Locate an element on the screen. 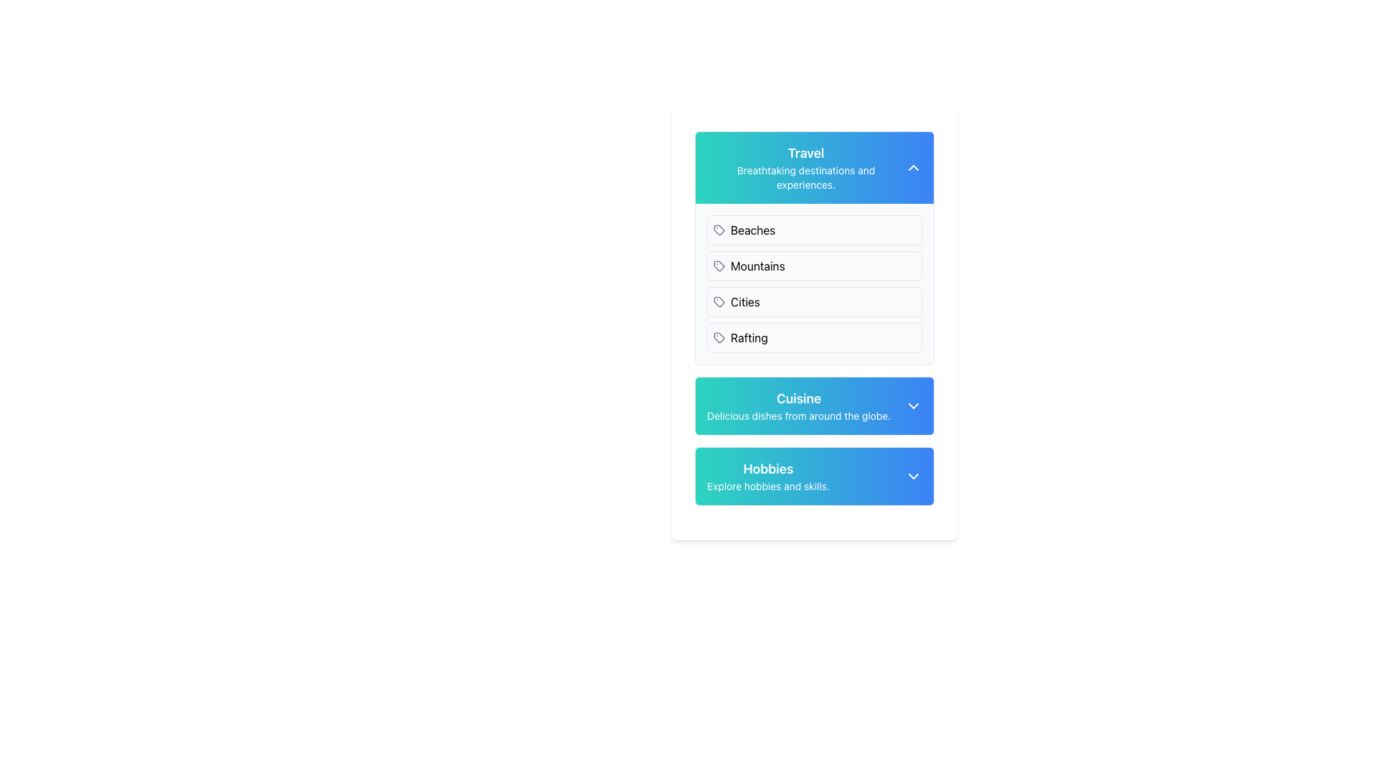 The width and height of the screenshot is (1377, 775). the small gray tag icon with a dot inside it, located to the left of the 'Mountains' text in the second selectable option of the 'Travel' section is located at coordinates (719, 266).